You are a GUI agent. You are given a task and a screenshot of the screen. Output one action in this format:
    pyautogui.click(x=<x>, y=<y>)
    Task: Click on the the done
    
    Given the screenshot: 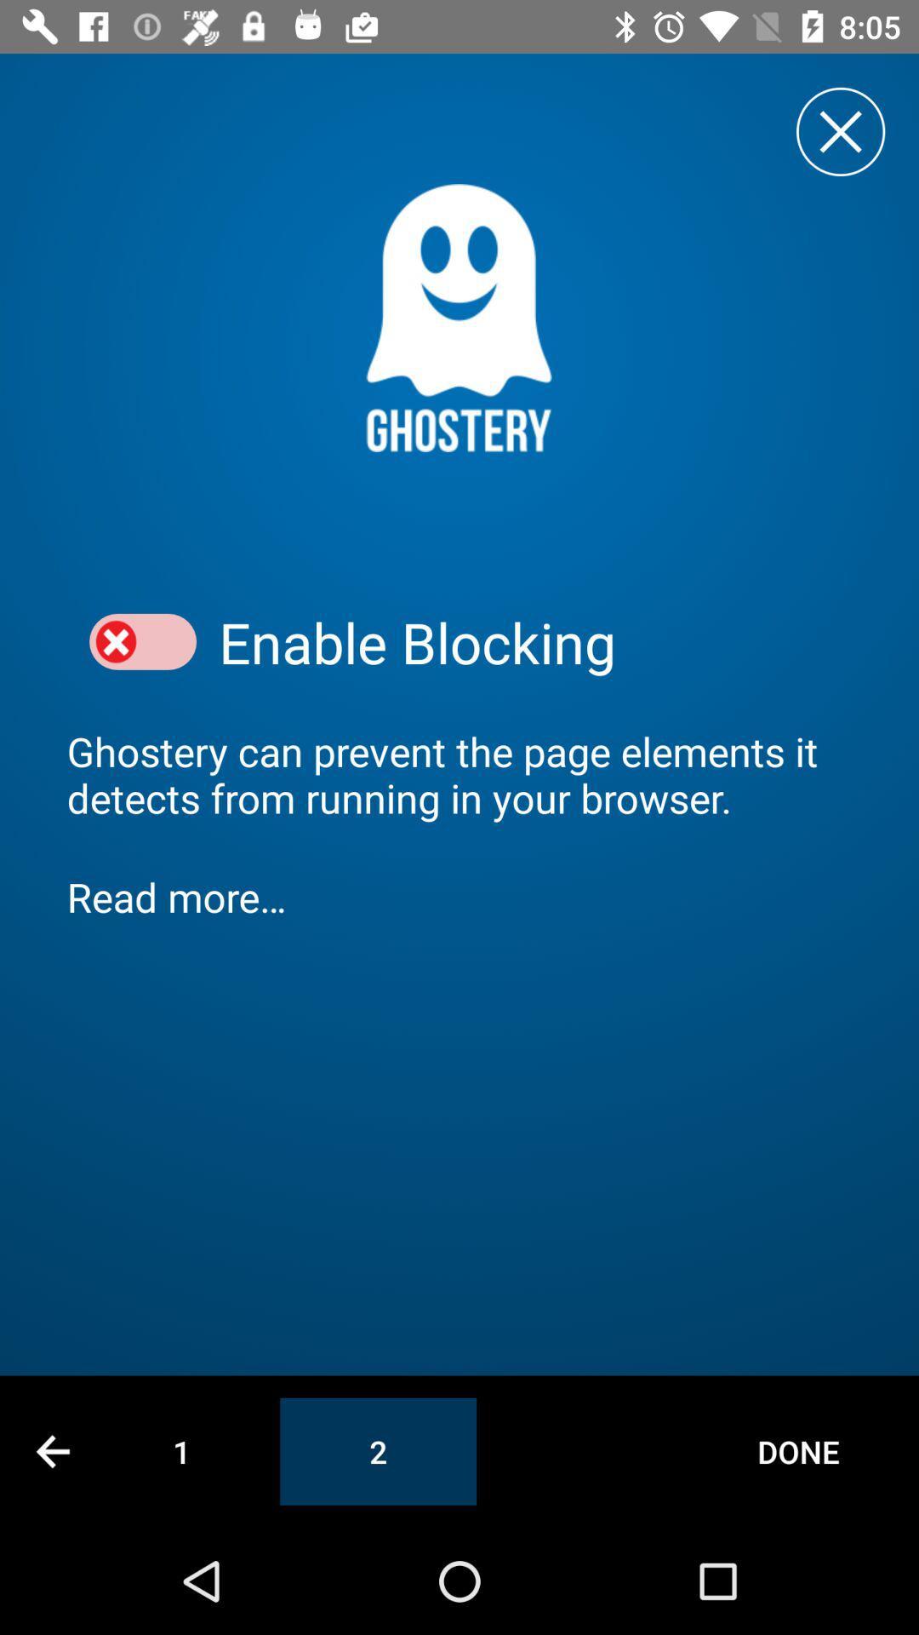 What is the action you would take?
    pyautogui.click(x=798, y=1450)
    